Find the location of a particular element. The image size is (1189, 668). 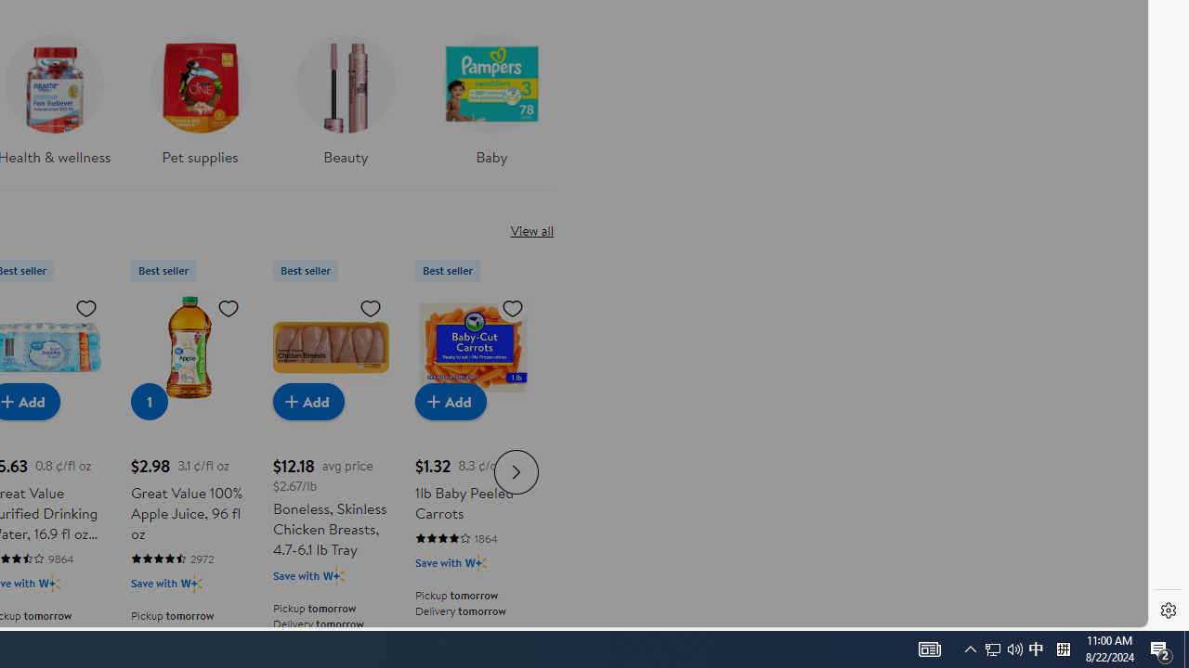

'Boneless, Skinless Chicken Breasts, 4.7-6.1 lb Tray' is located at coordinates (331, 347).